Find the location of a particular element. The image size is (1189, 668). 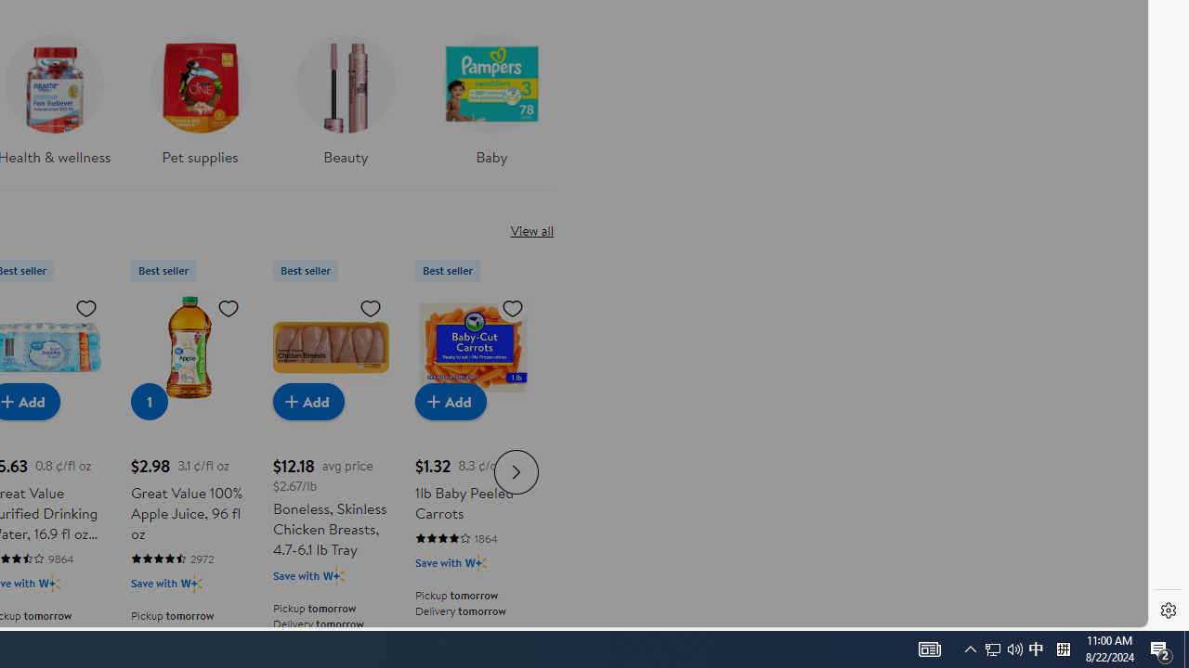

'Boneless, Skinless Chicken Breasts, 4.7-6.1 lb Tray' is located at coordinates (331, 347).